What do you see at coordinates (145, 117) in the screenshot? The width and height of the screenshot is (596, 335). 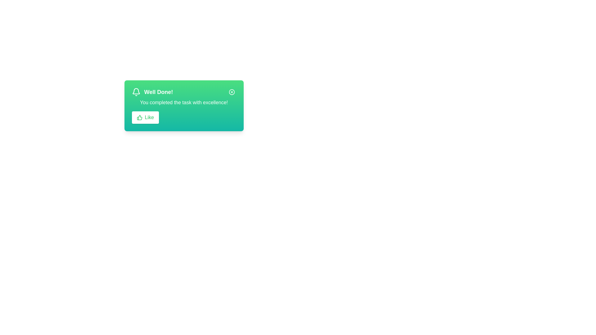 I see `the 'Like' button to trigger the like action` at bounding box center [145, 117].